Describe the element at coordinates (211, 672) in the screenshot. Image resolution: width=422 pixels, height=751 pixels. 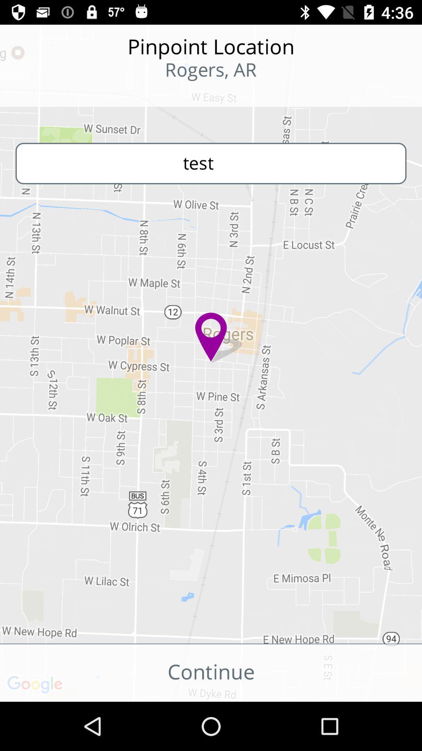
I see `continue` at that location.